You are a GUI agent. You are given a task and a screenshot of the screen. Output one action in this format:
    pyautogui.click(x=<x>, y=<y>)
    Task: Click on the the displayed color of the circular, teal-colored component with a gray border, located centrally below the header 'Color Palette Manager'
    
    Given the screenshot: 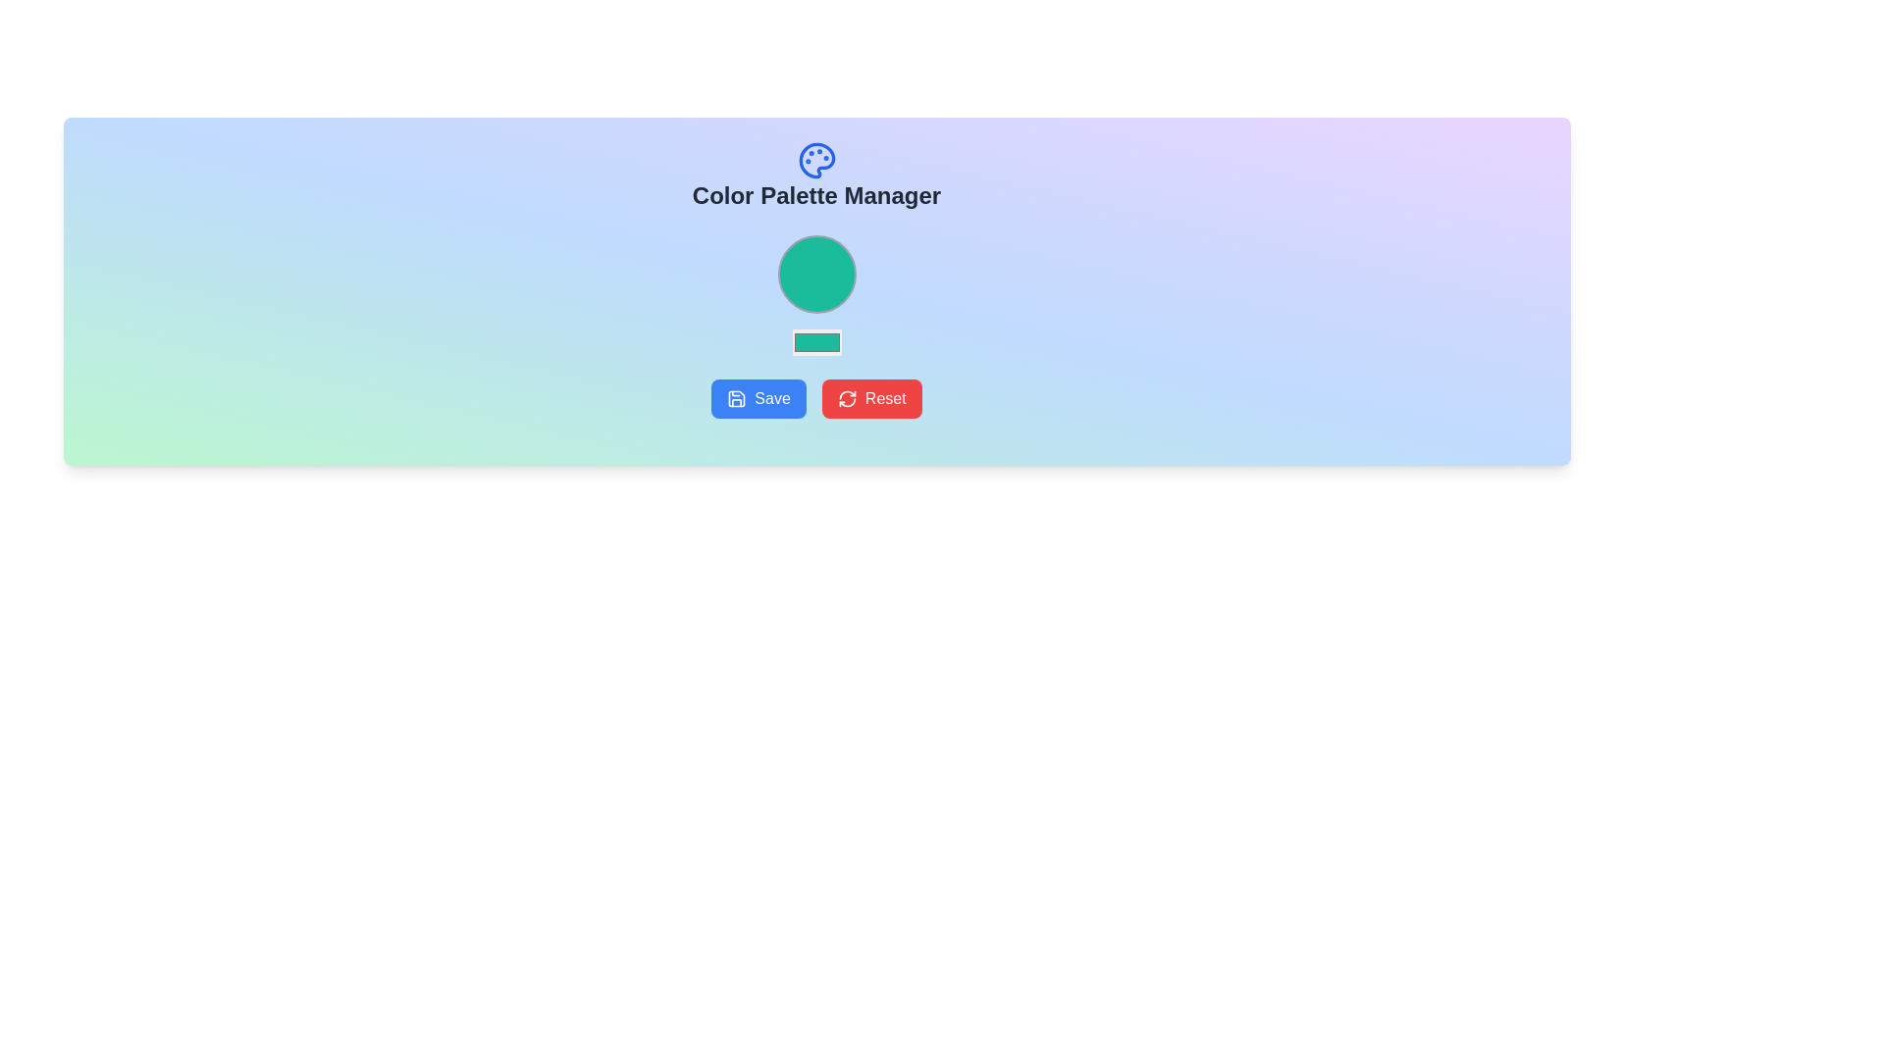 What is the action you would take?
    pyautogui.click(x=816, y=275)
    